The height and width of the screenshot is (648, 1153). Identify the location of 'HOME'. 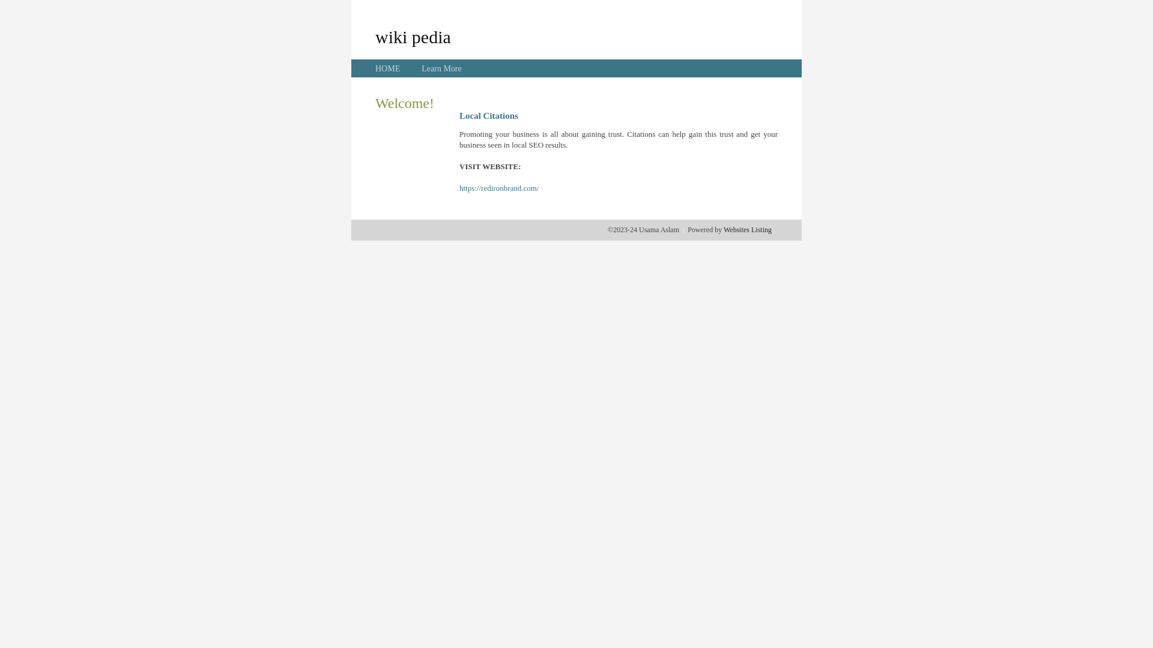
(387, 68).